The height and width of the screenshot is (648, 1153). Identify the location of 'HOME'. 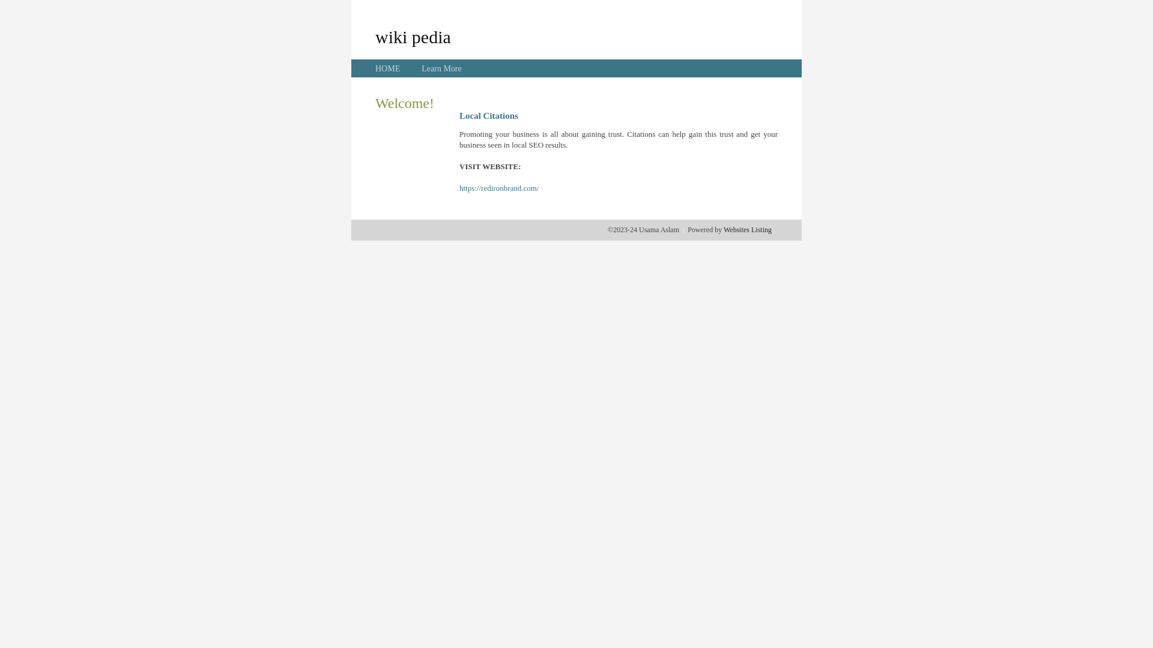
(387, 68).